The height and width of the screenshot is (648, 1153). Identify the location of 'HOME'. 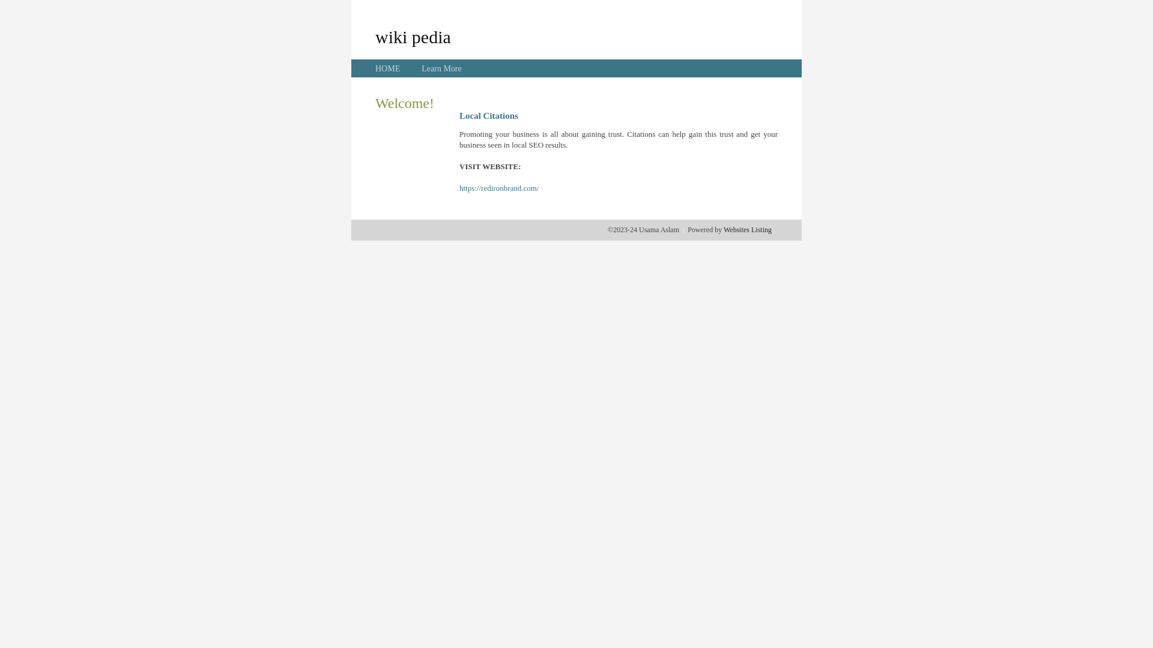
(387, 68).